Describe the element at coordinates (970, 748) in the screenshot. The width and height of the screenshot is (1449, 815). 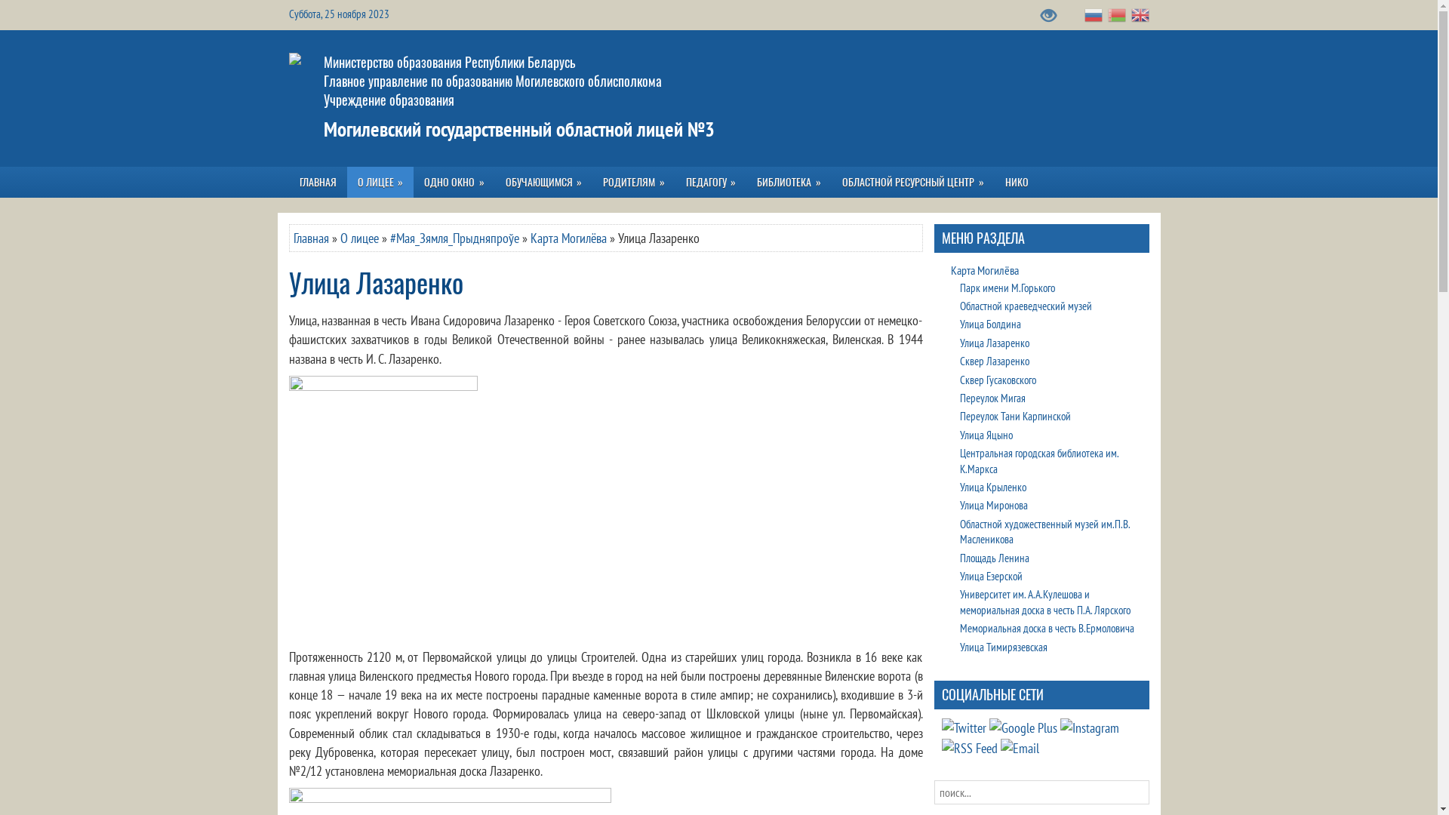
I see `'RSS Feed'` at that location.